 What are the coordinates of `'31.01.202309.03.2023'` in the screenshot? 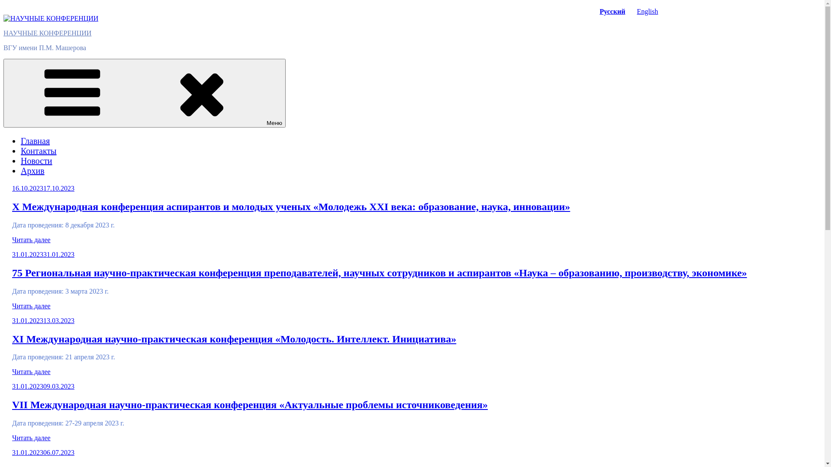 It's located at (12, 386).